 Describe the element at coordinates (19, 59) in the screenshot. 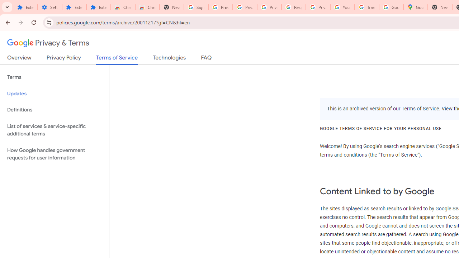

I see `'Overview'` at that location.